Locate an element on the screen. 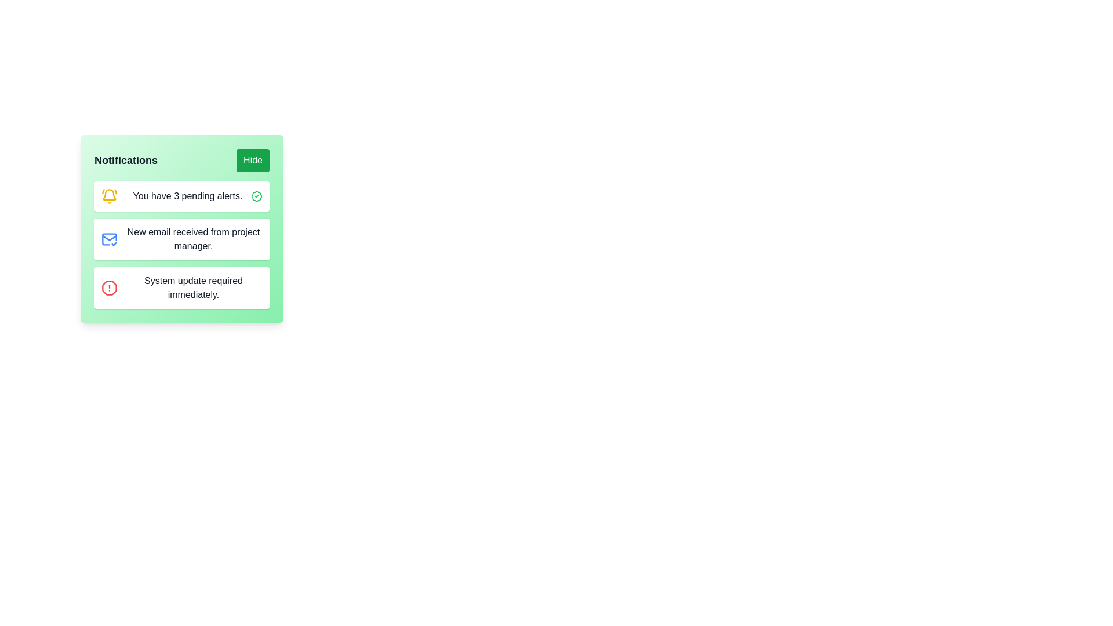  the informational message about the system update requirement located in the notification panel as the third item in the list is located at coordinates (194, 287).